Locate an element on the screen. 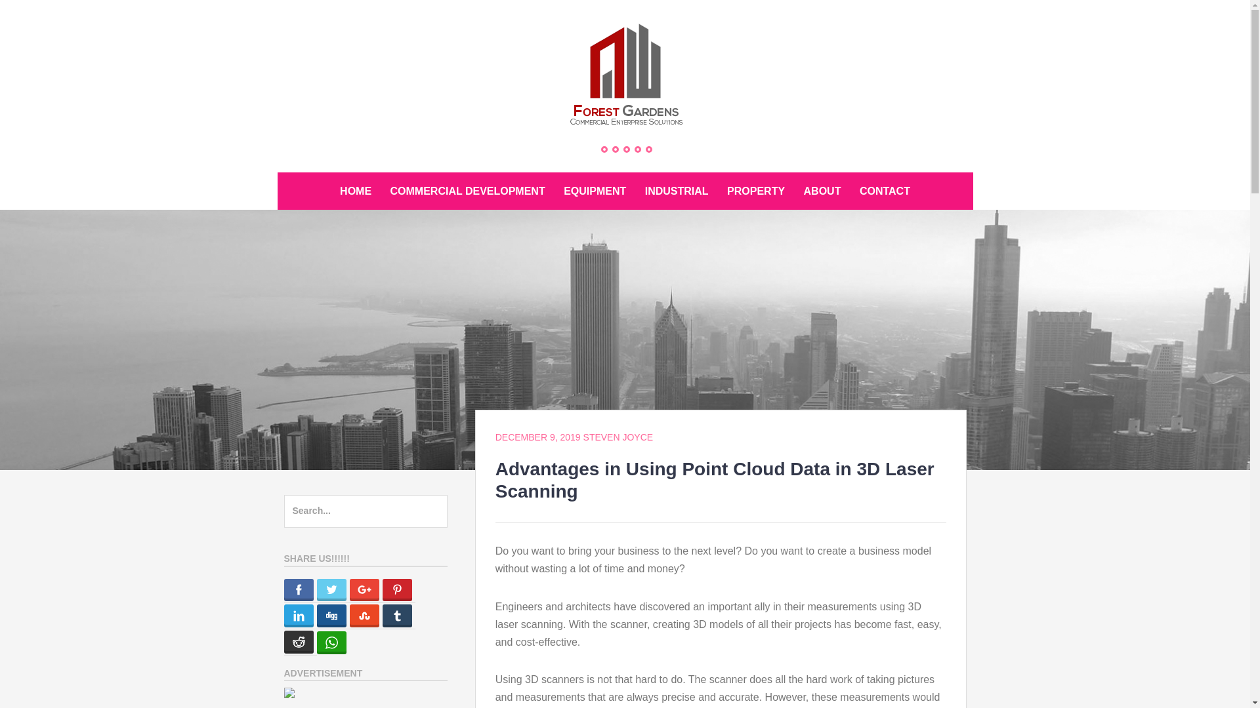 The width and height of the screenshot is (1260, 708). 'PROPERTY' is located at coordinates (718, 191).